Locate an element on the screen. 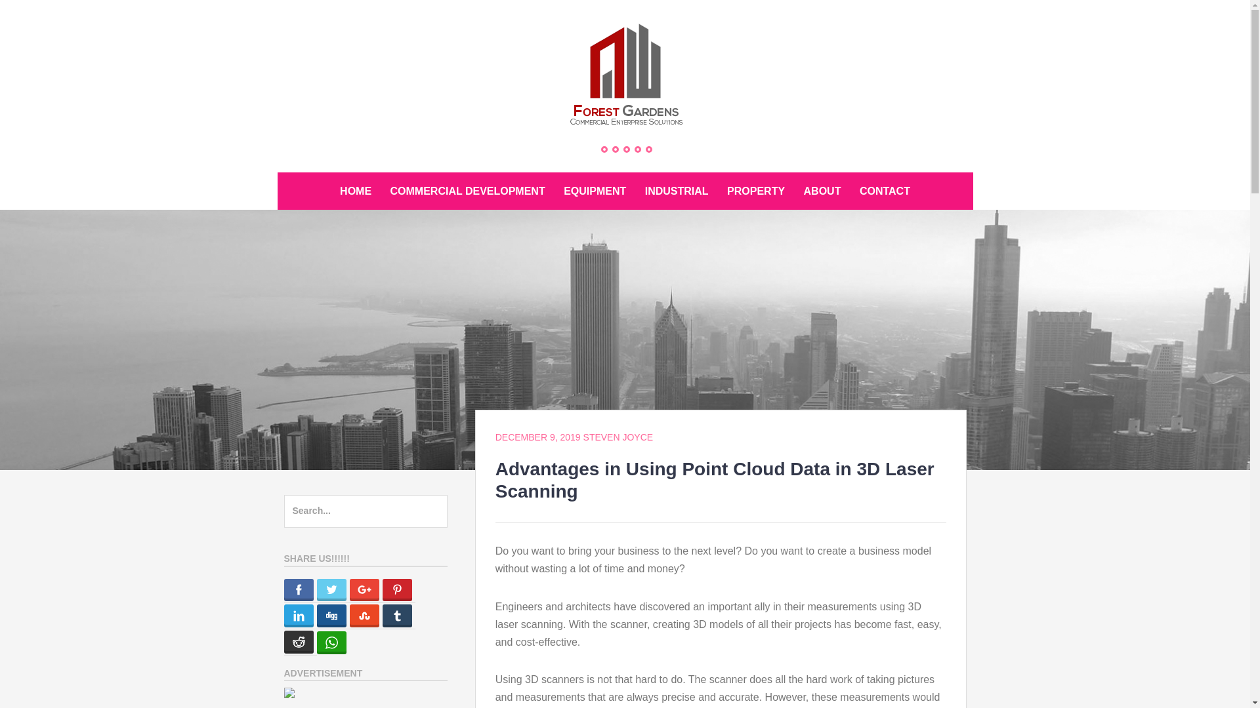 The width and height of the screenshot is (1260, 708). 'PROPERTY' is located at coordinates (718, 191).